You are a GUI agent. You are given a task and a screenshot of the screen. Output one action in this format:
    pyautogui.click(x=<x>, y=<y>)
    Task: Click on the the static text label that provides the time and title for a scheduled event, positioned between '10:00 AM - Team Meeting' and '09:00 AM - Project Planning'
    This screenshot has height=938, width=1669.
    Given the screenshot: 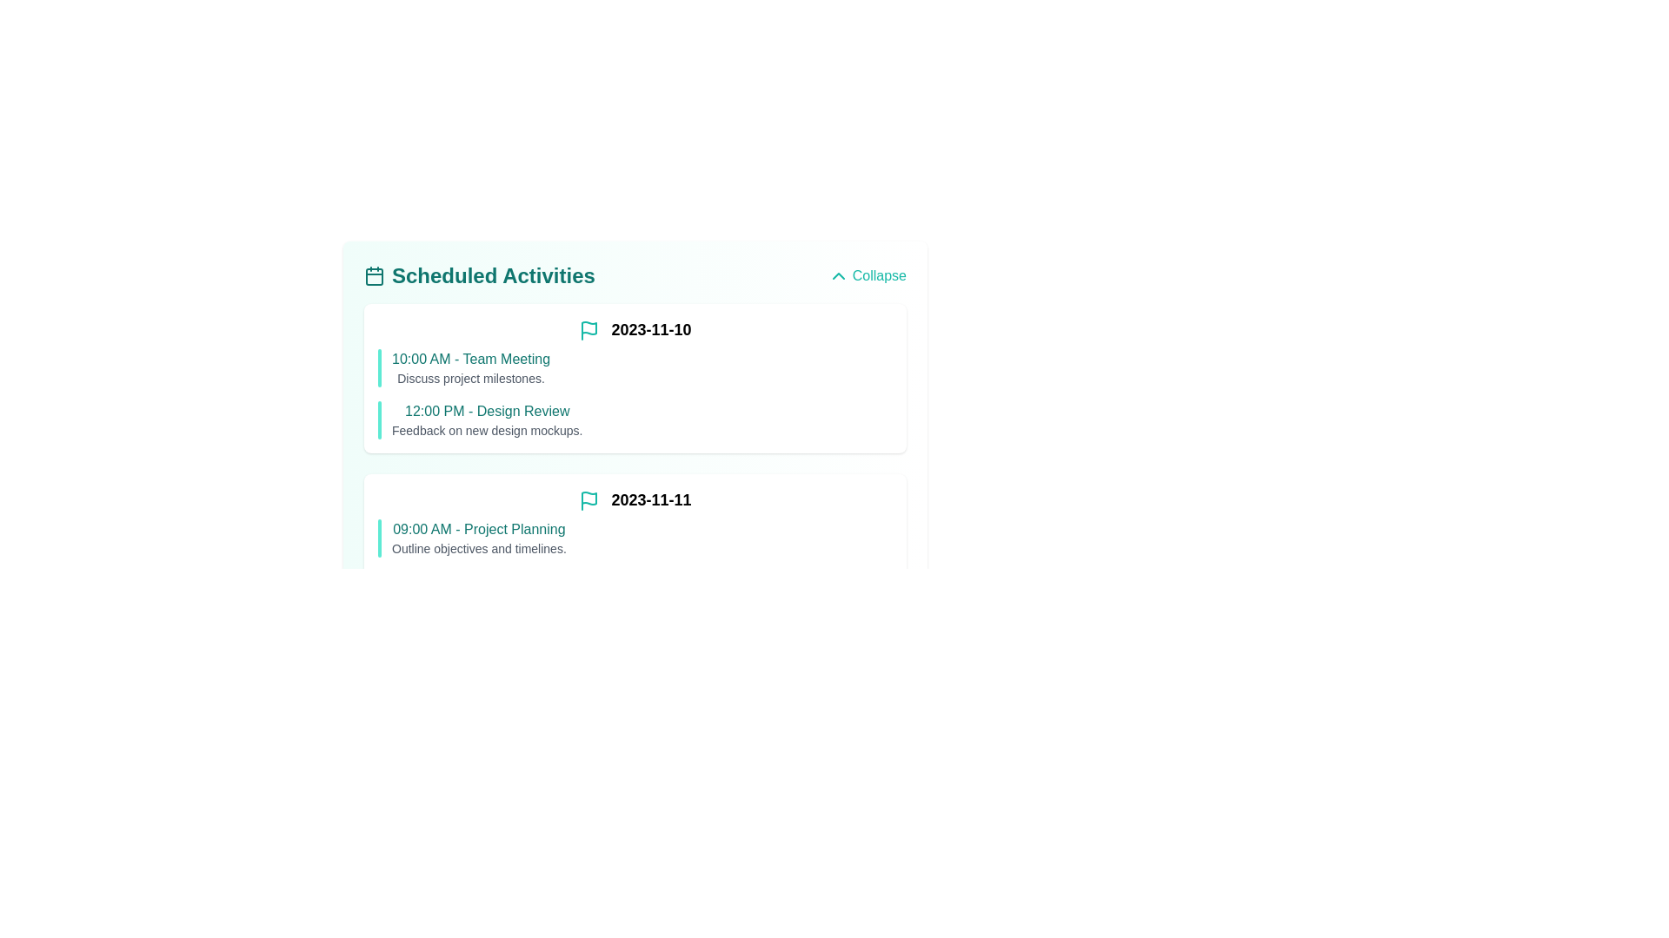 What is the action you would take?
    pyautogui.click(x=487, y=412)
    